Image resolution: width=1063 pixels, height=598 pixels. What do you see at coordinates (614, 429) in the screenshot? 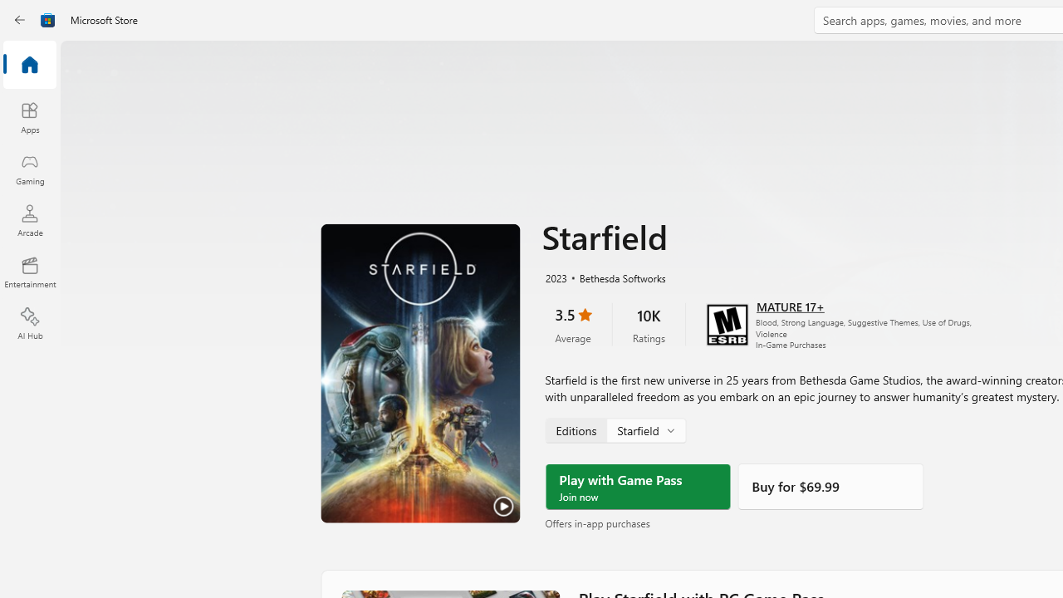
I see `'Starfield, Edition selector'` at bounding box center [614, 429].